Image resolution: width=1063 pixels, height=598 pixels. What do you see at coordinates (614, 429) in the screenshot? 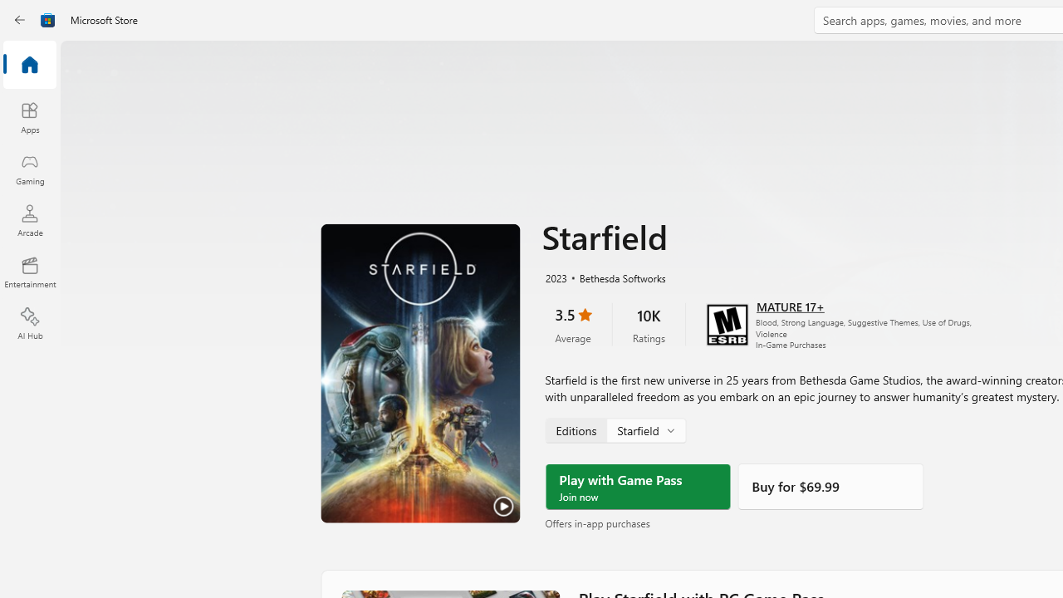
I see `'Starfield, Edition selector'` at bounding box center [614, 429].